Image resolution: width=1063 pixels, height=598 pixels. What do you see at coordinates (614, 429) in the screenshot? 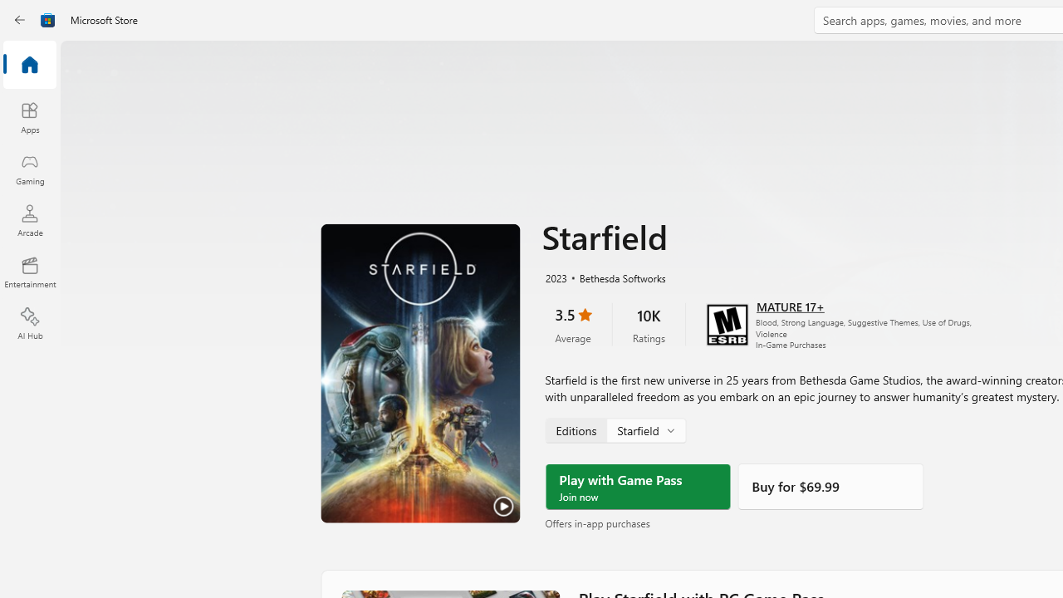
I see `'Starfield, Edition selector'` at bounding box center [614, 429].